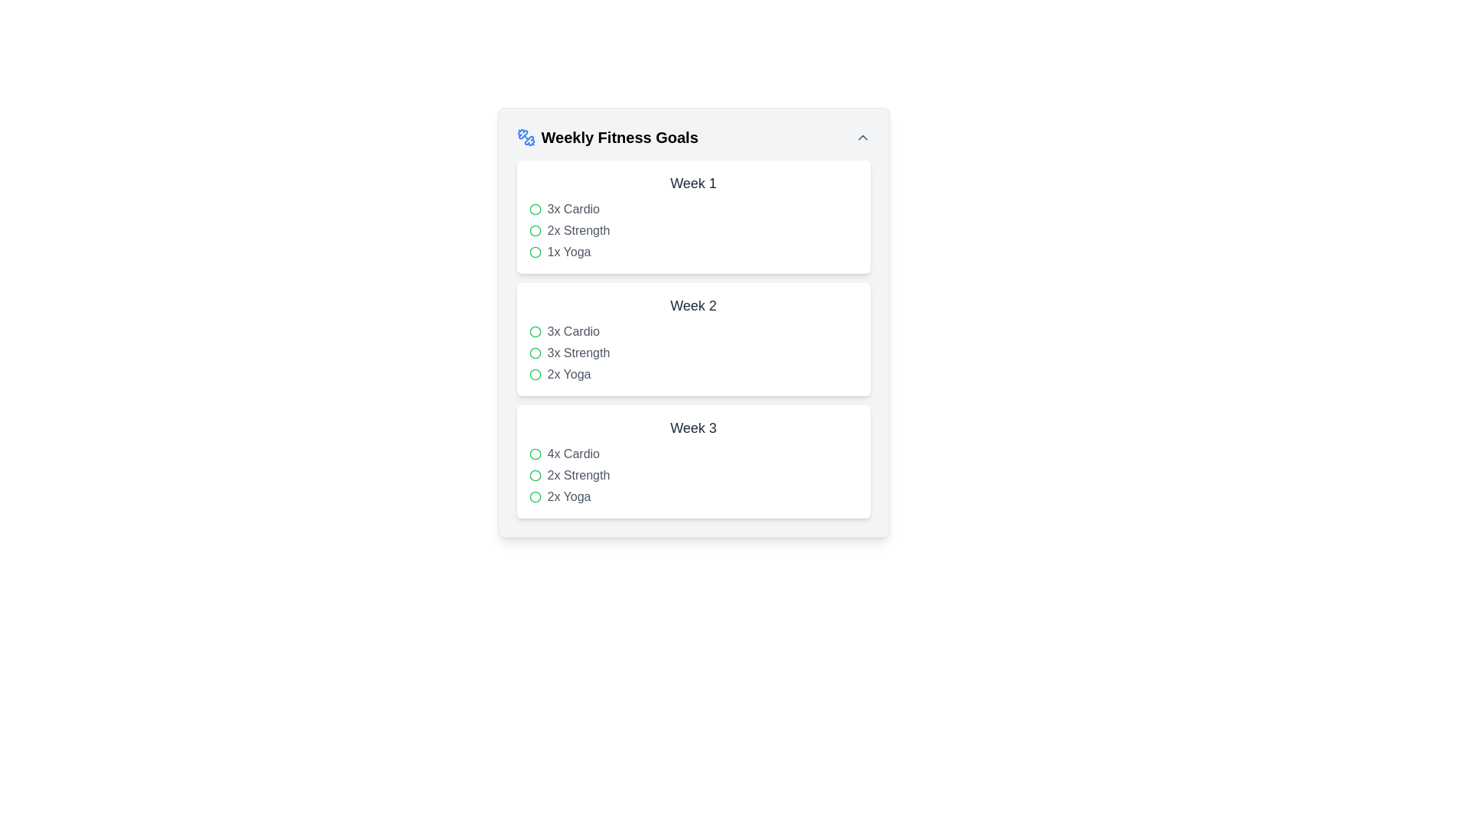 The image size is (1469, 826). What do you see at coordinates (572, 331) in the screenshot?
I see `the text label that reads '3x Cardio', which is styled in gray and located in the Week 2 section of the fitness goals list, positioned to the right of a green circular icon` at bounding box center [572, 331].